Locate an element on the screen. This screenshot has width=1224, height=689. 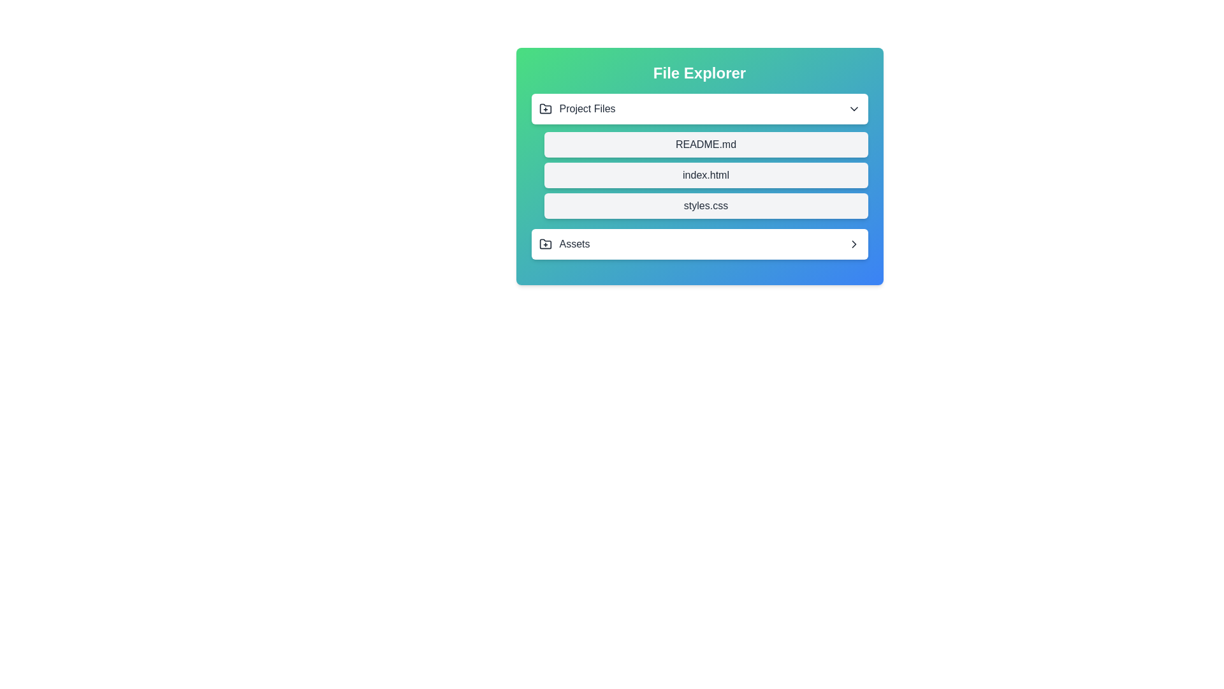
the Chevron-Right SVG Icon located at the far right of the 'Assets' section is located at coordinates (854, 244).